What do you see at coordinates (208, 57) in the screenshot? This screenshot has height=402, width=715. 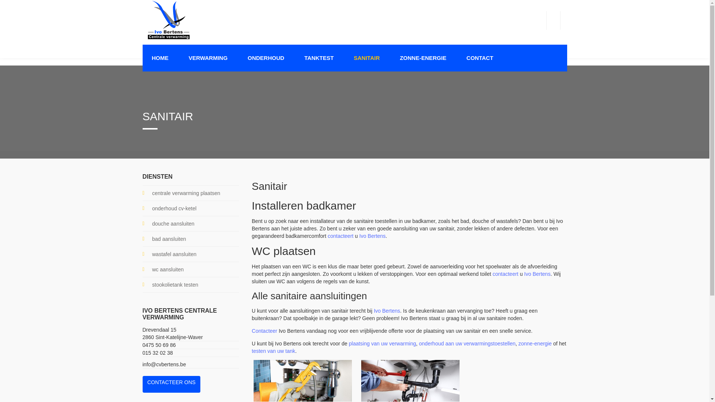 I see `'VERWARMING'` at bounding box center [208, 57].